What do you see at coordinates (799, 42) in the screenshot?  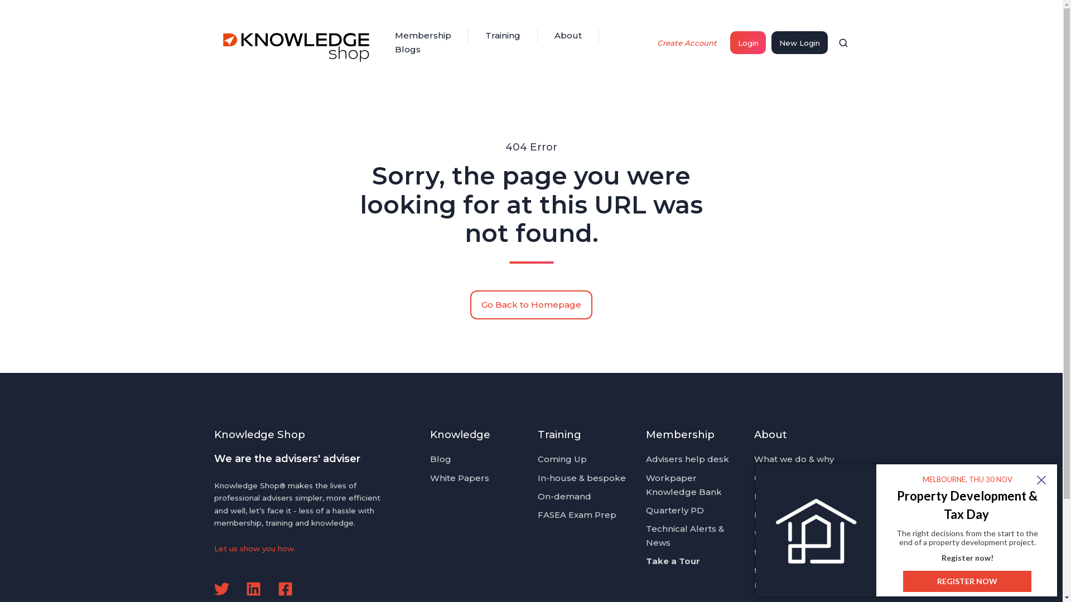 I see `'New Login'` at bounding box center [799, 42].